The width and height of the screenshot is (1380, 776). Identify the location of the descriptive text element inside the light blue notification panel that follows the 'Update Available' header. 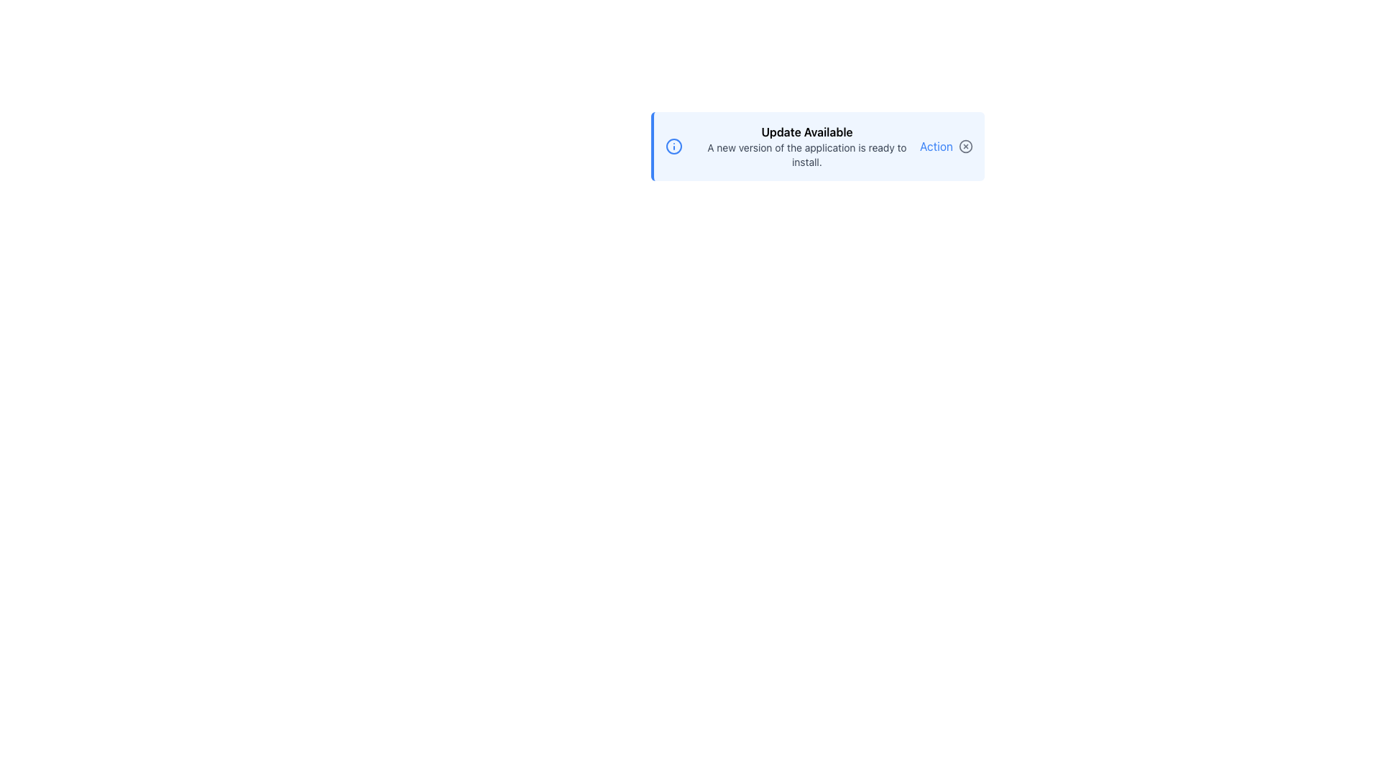
(807, 155).